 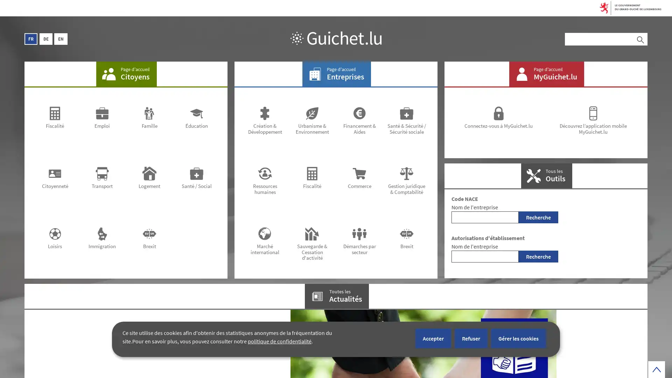 I want to click on Refuser, so click(x=471, y=338).